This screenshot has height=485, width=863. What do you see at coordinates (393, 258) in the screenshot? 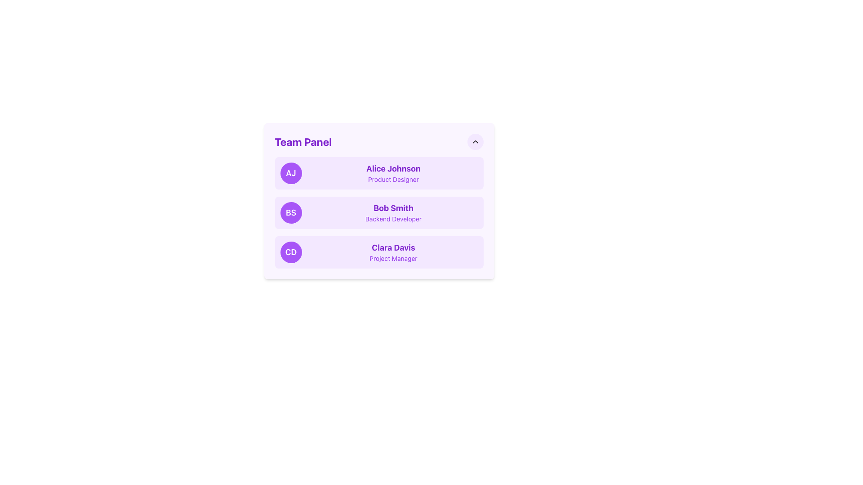
I see `text label that identifies the role or job title of Clara Davis, located directly below her name in the Team Panel` at bounding box center [393, 258].